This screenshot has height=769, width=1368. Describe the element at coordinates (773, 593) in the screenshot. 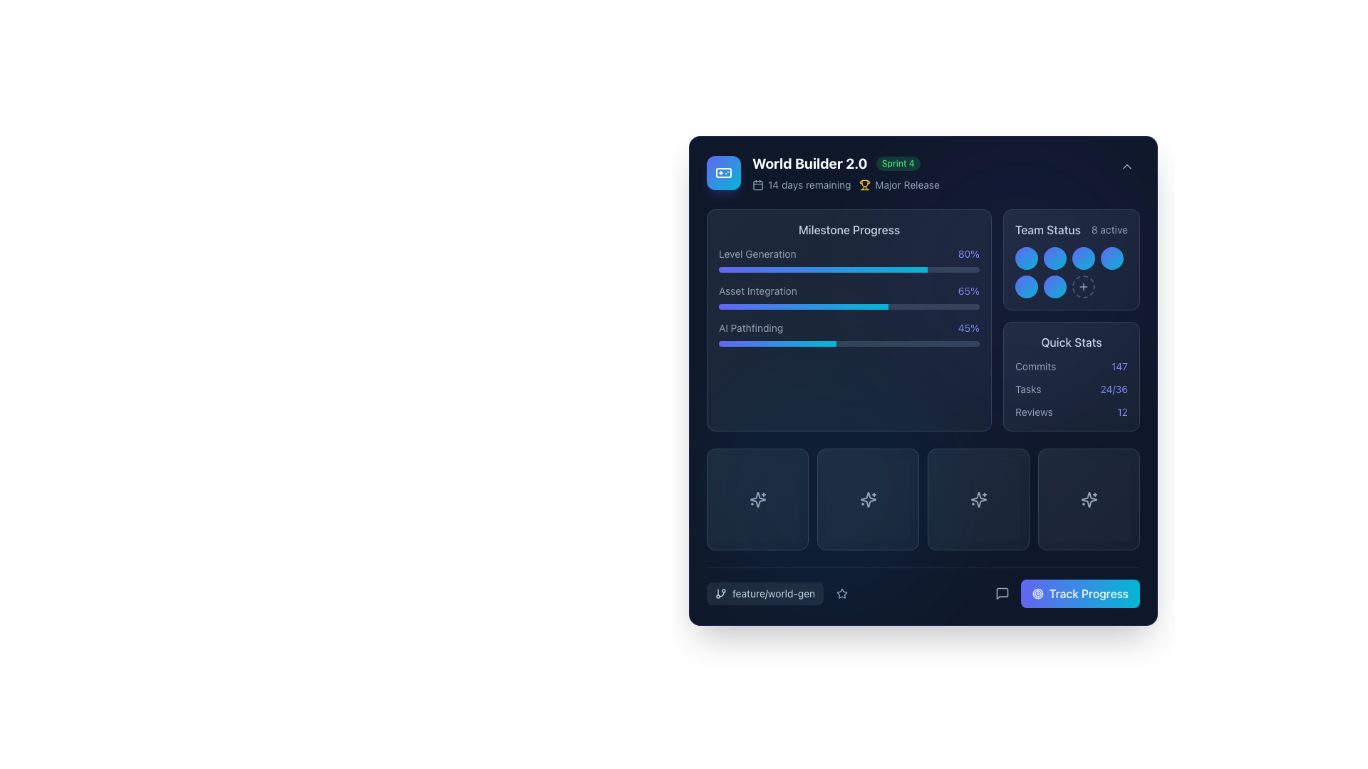

I see `the static text element that reads 'feature/world-gen', located in the bottom left corner of a rounded rectangular button-like structure with a dark background` at that location.